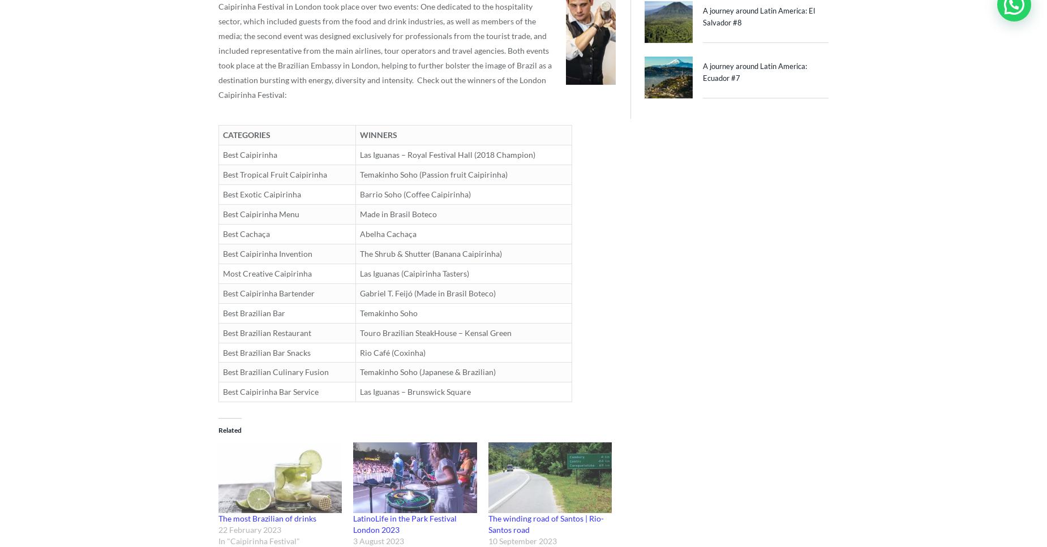 Image resolution: width=1047 pixels, height=547 pixels. What do you see at coordinates (427, 292) in the screenshot?
I see `'Gabriel T. Feijó (Made in Brasil Boteco)'` at bounding box center [427, 292].